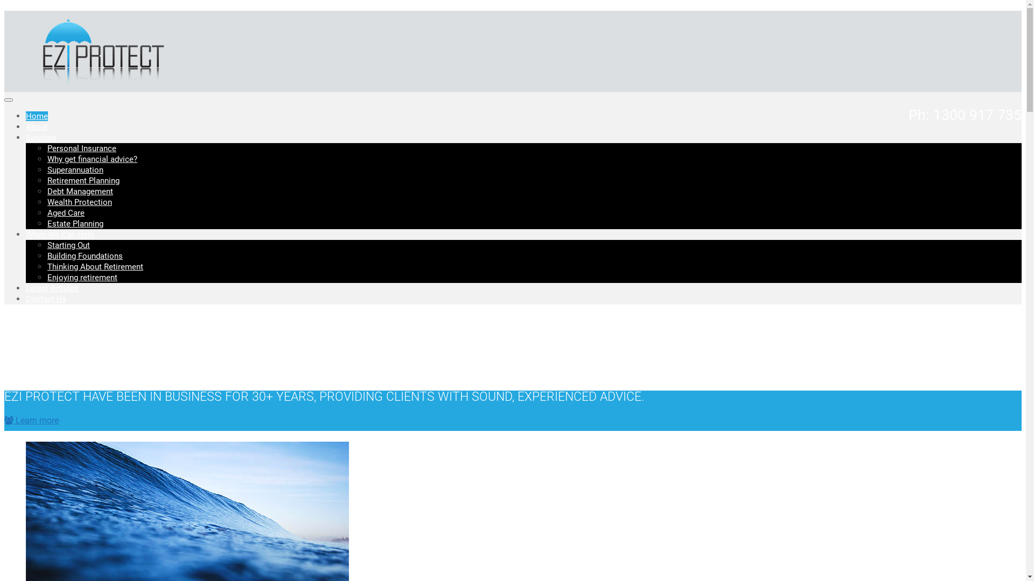 The height and width of the screenshot is (581, 1034). Describe the element at coordinates (68, 245) in the screenshot. I see `'Starting Out'` at that location.